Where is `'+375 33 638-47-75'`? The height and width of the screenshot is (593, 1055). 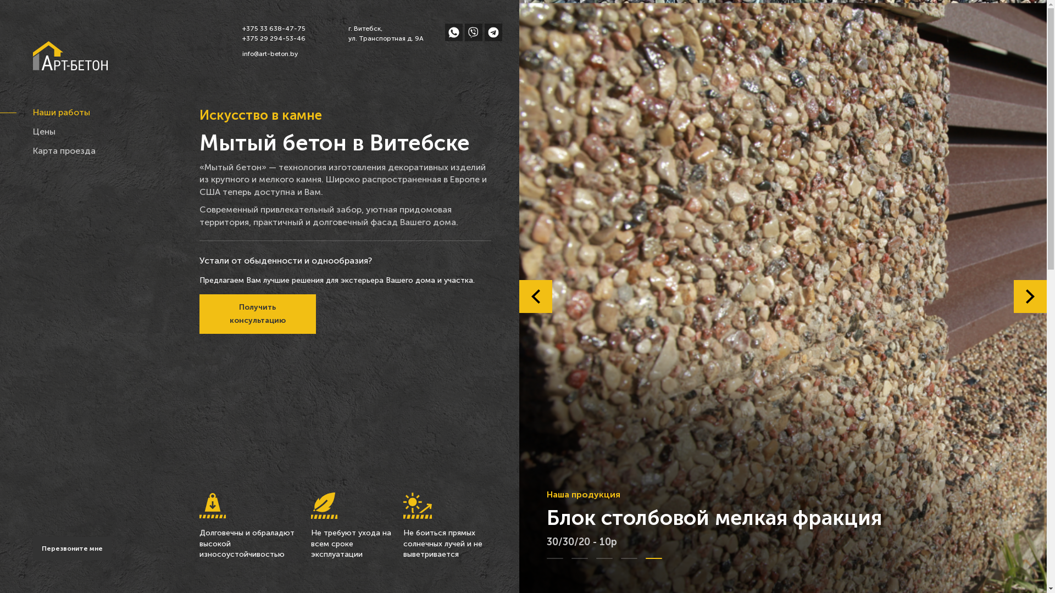
'+375 33 638-47-75' is located at coordinates (273, 27).